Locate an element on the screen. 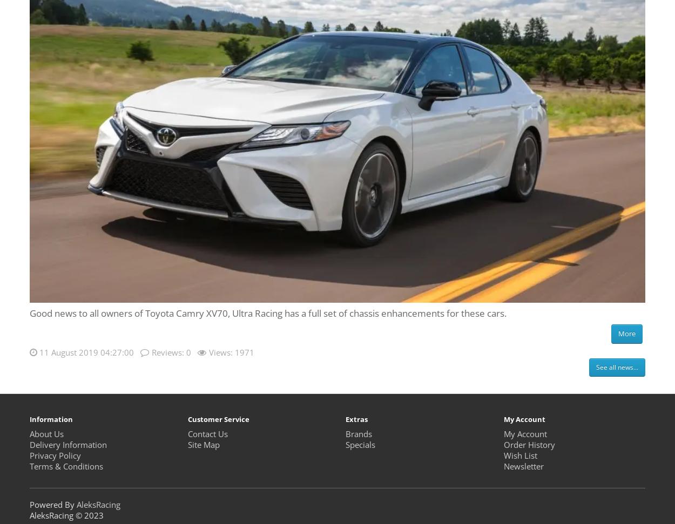 This screenshot has height=524, width=675. 'About Us' is located at coordinates (46, 433).